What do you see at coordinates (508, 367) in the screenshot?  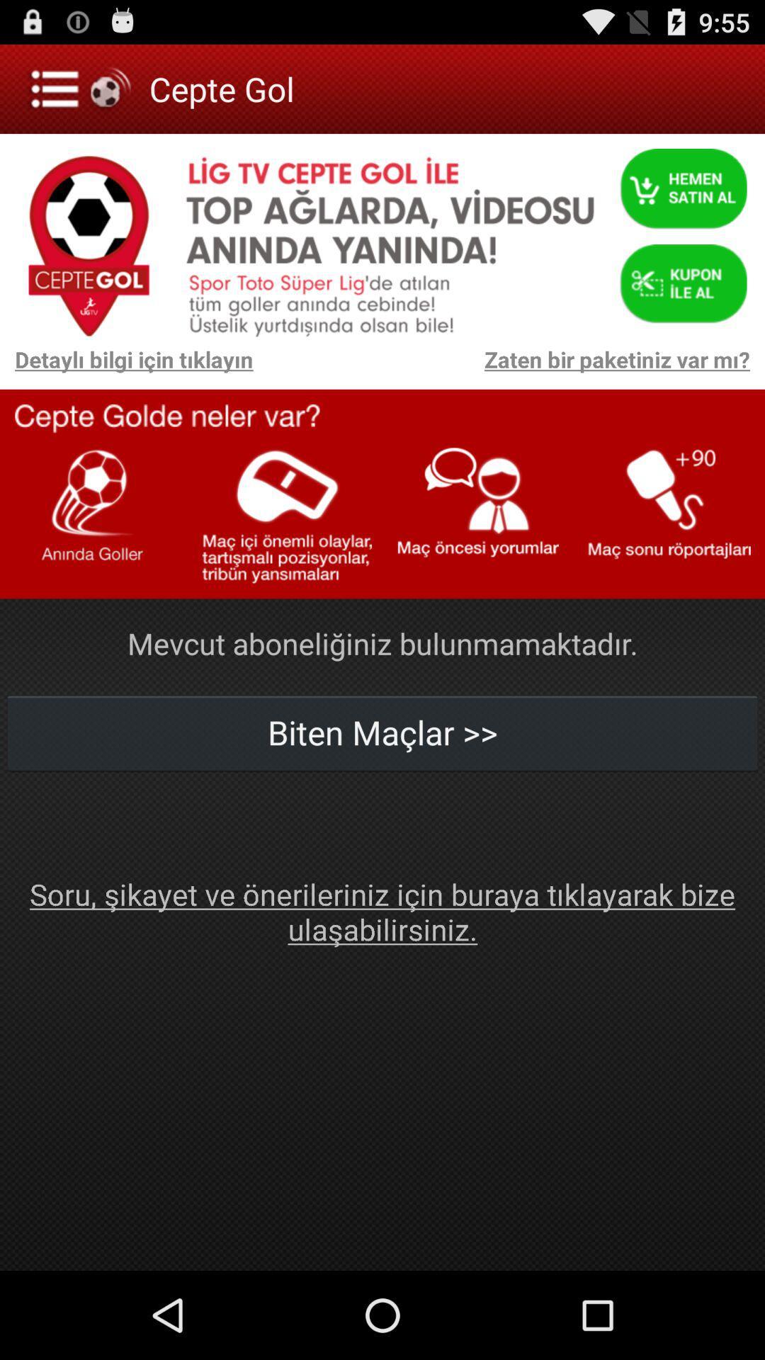 I see `a option zaten bir paketiniz var mi on a page` at bounding box center [508, 367].